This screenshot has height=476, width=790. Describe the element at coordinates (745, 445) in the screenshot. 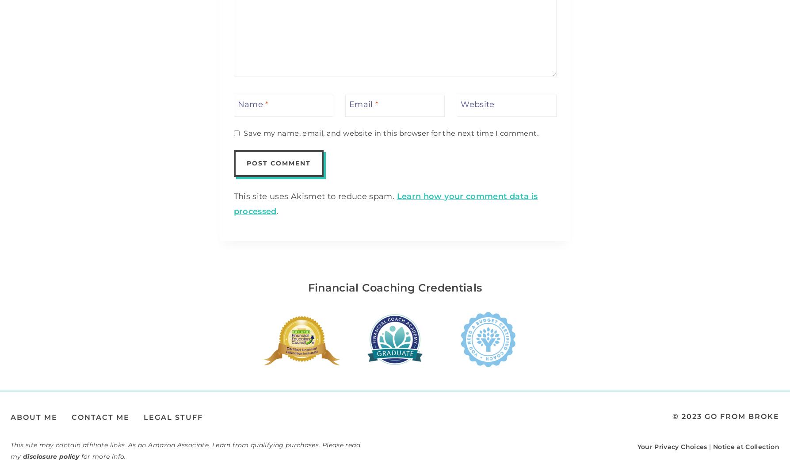

I see `'Notice at Collection'` at that location.